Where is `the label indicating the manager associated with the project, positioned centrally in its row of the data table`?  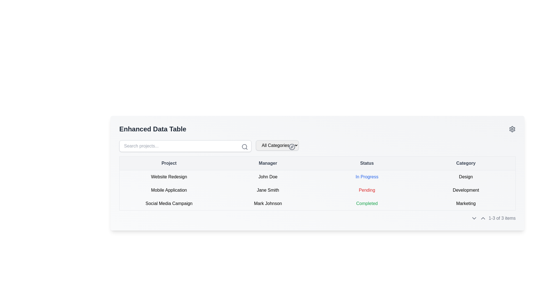 the label indicating the manager associated with the project, positioned centrally in its row of the data table is located at coordinates (268, 190).